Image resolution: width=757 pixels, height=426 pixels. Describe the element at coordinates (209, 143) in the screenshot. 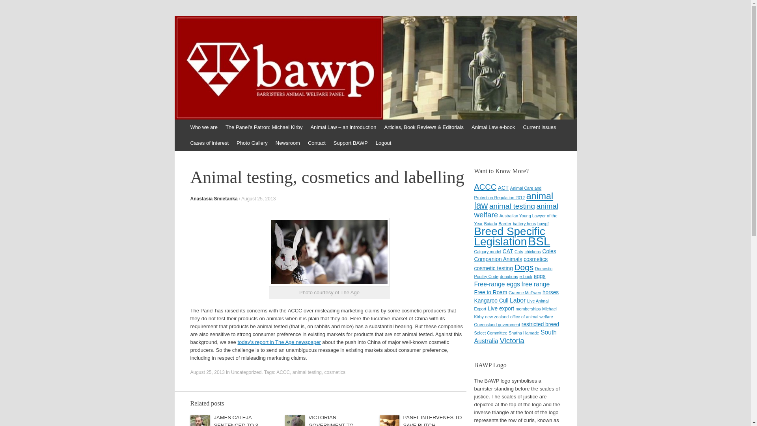

I see `'Cases of interest'` at that location.